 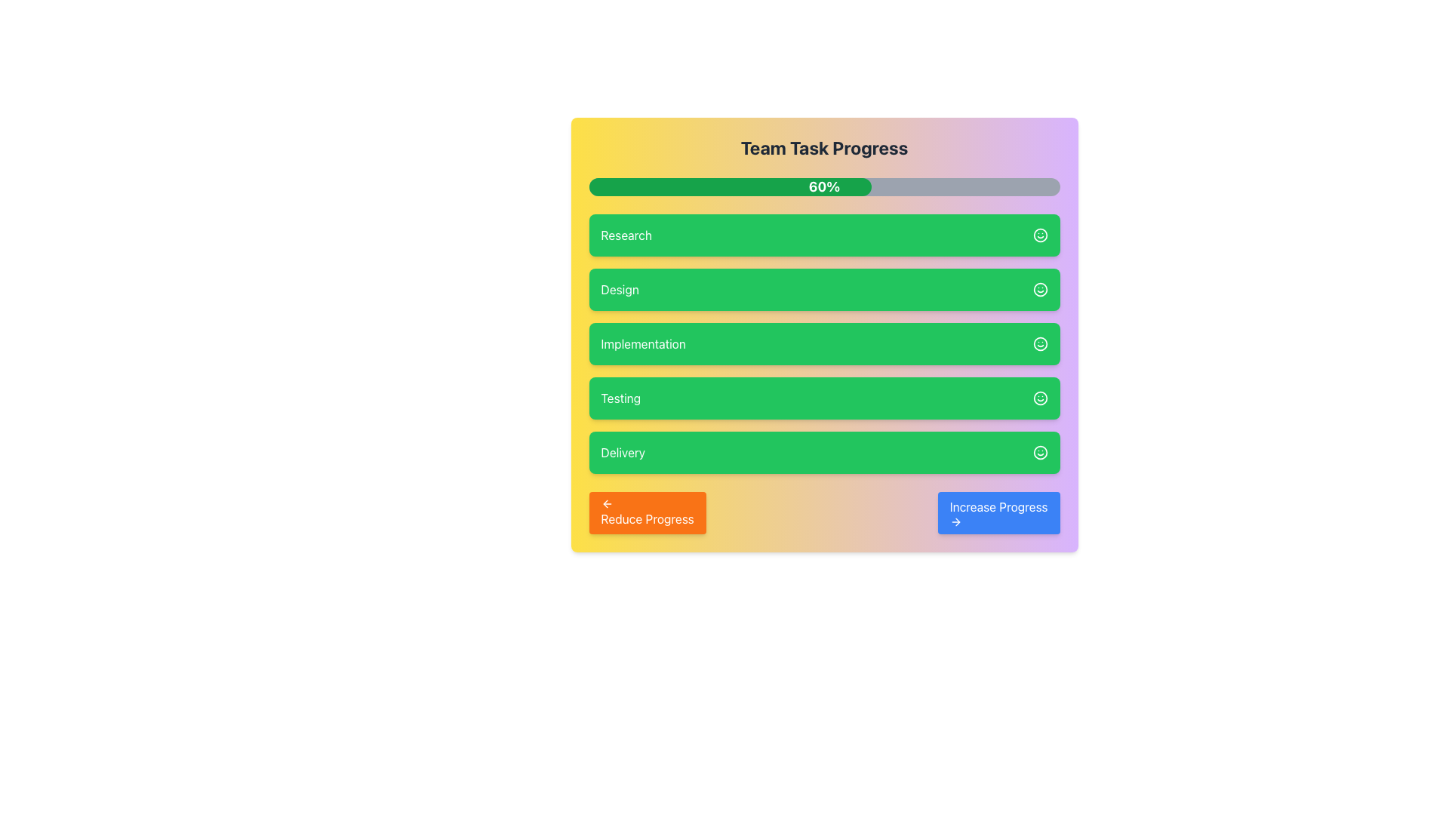 What do you see at coordinates (1039, 290) in the screenshot?
I see `the circular vector graphic representing the smiley face icon, which is located at the right end of the 'Design' button` at bounding box center [1039, 290].